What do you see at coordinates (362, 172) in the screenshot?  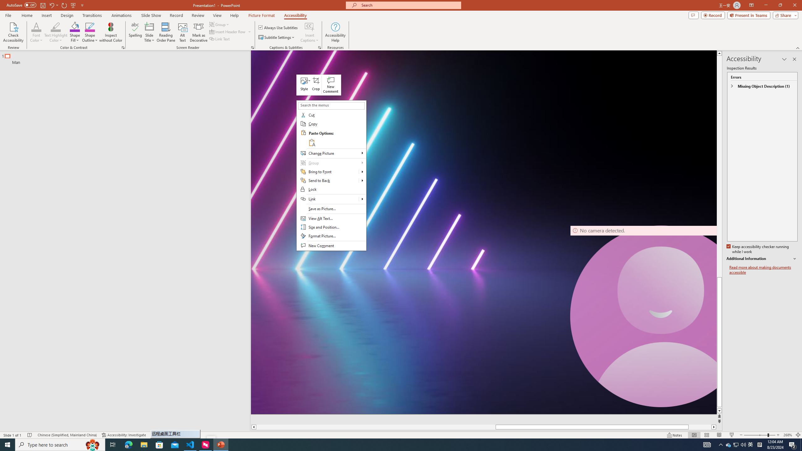 I see `'Bring to Front'` at bounding box center [362, 172].